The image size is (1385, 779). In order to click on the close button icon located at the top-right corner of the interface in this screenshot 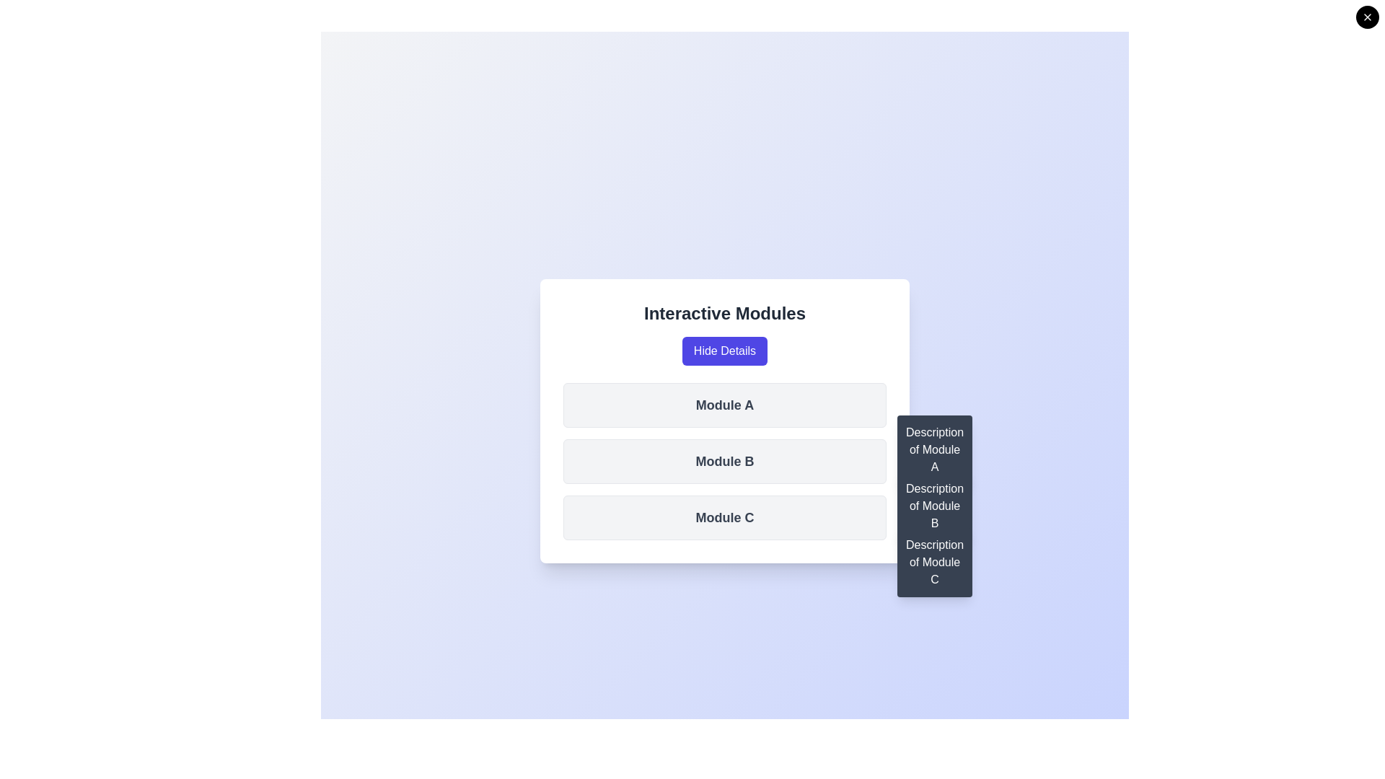, I will do `click(1367, 17)`.